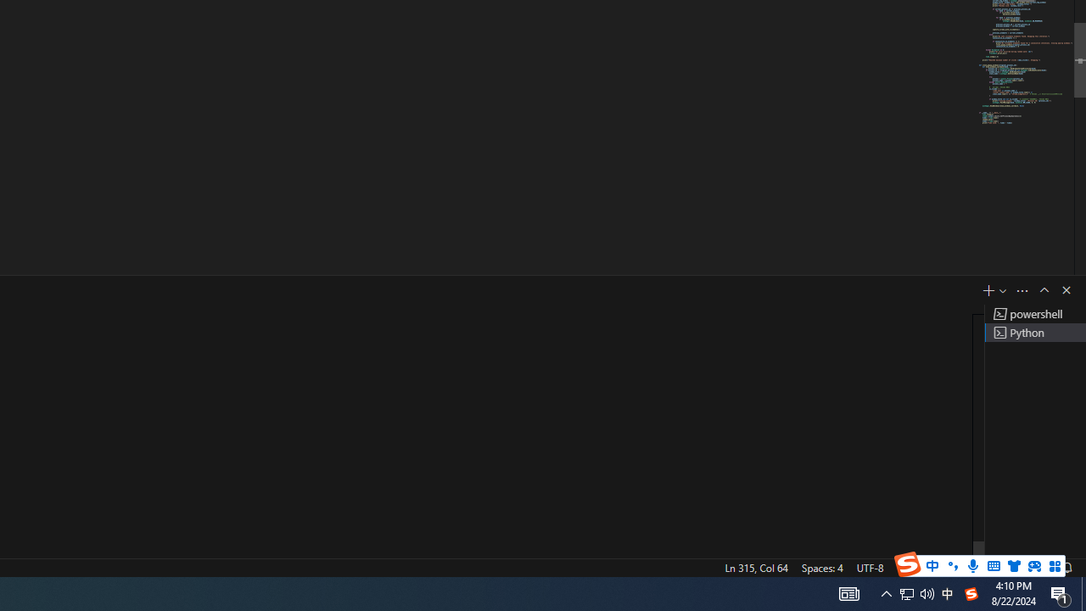 This screenshot has height=611, width=1086. I want to click on 'Views and More Actions...', so click(1022, 289).